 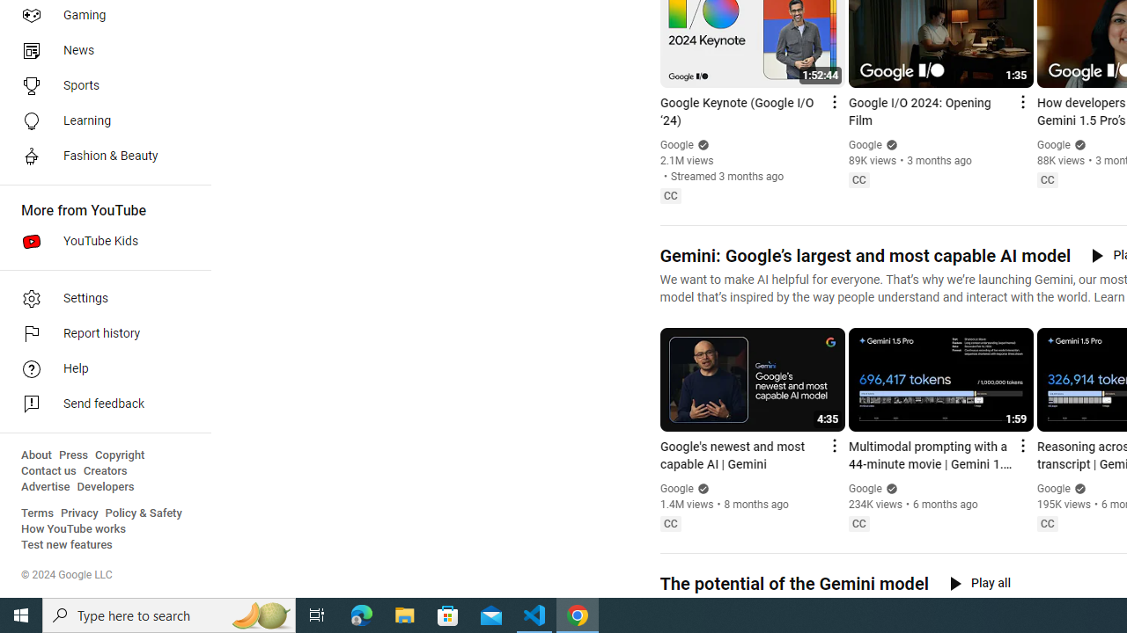 What do you see at coordinates (99, 334) in the screenshot?
I see `'Report history'` at bounding box center [99, 334].